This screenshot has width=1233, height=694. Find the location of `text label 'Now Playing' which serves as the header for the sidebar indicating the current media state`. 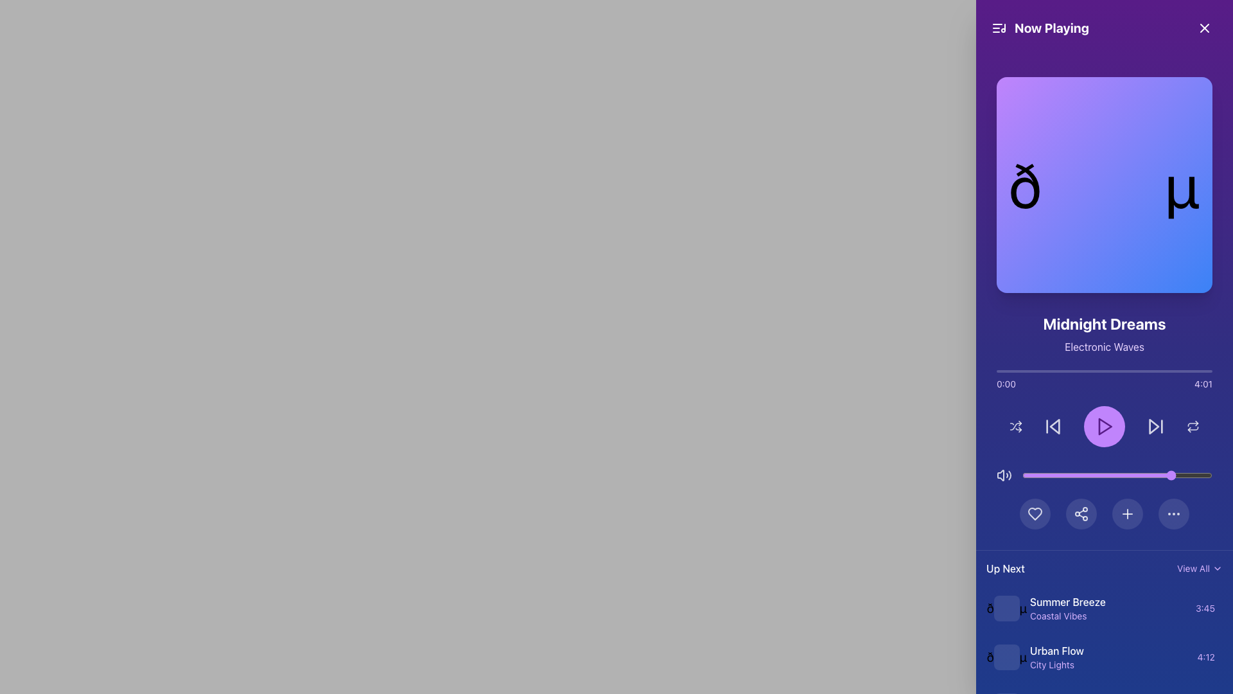

text label 'Now Playing' which serves as the header for the sidebar indicating the current media state is located at coordinates (1051, 28).